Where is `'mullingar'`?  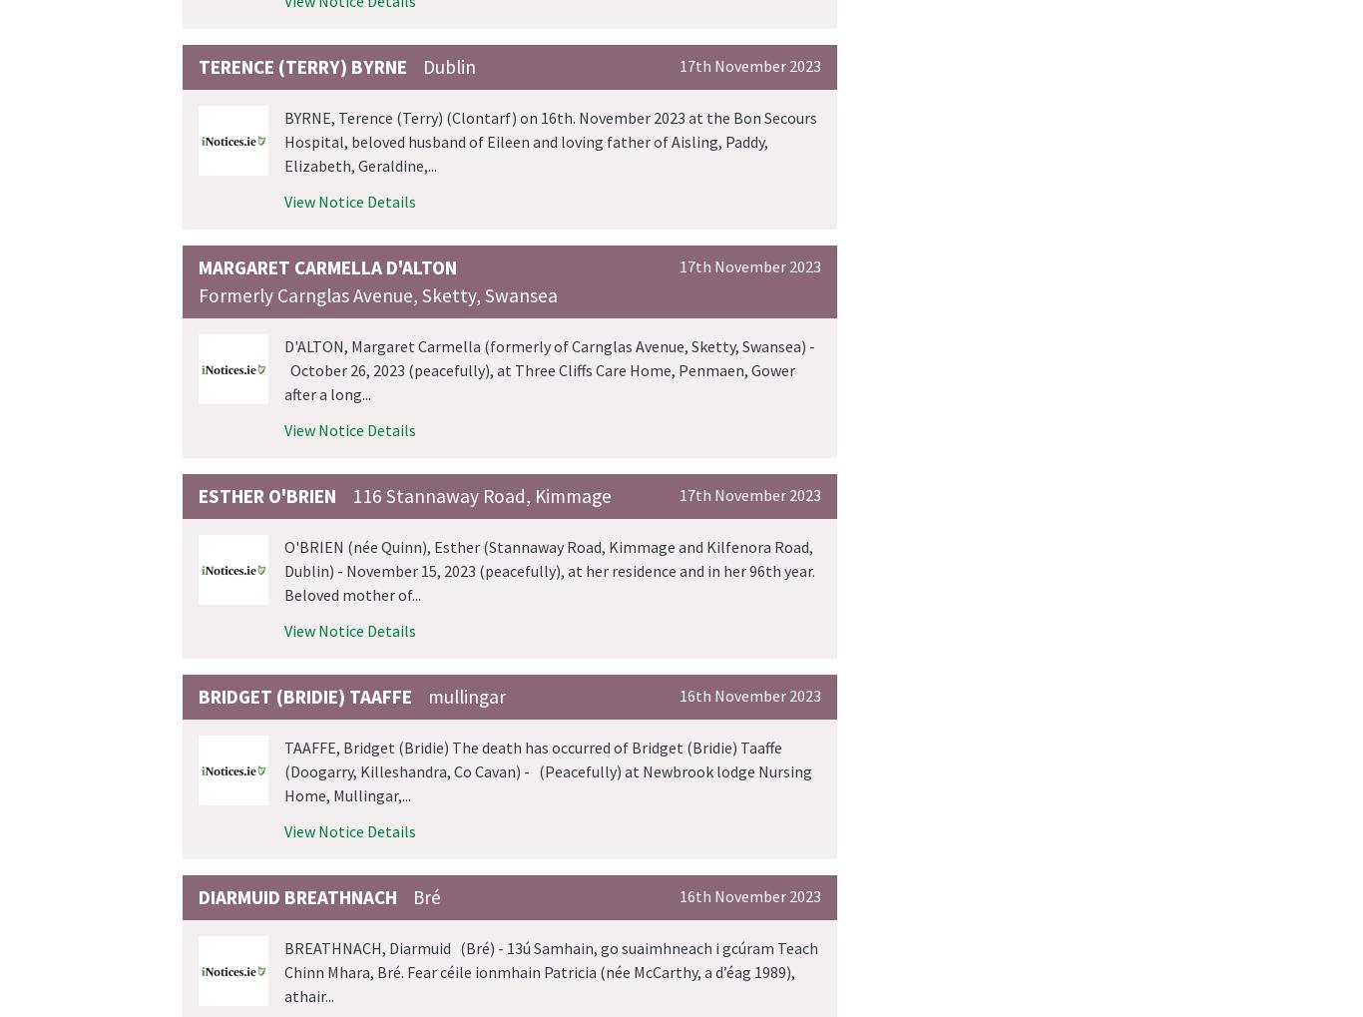 'mullingar' is located at coordinates (466, 697).